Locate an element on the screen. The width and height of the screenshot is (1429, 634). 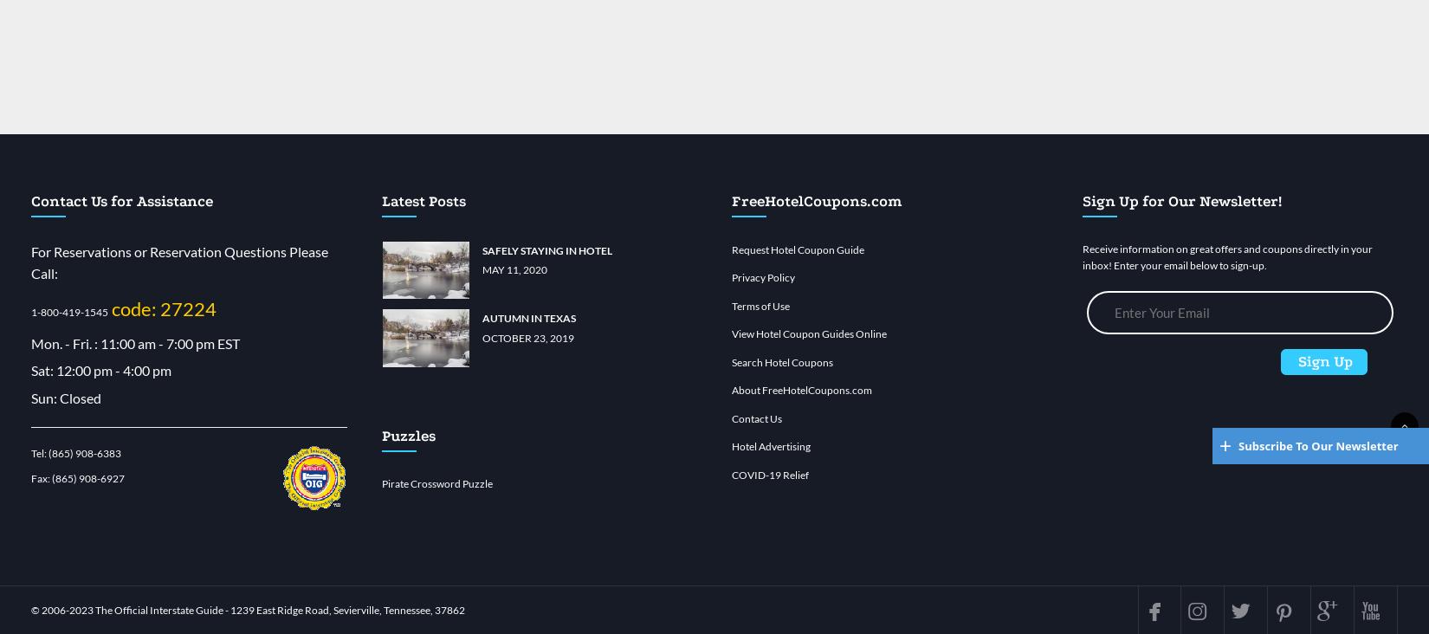
'Autumn in Texas' is located at coordinates (527, 317).